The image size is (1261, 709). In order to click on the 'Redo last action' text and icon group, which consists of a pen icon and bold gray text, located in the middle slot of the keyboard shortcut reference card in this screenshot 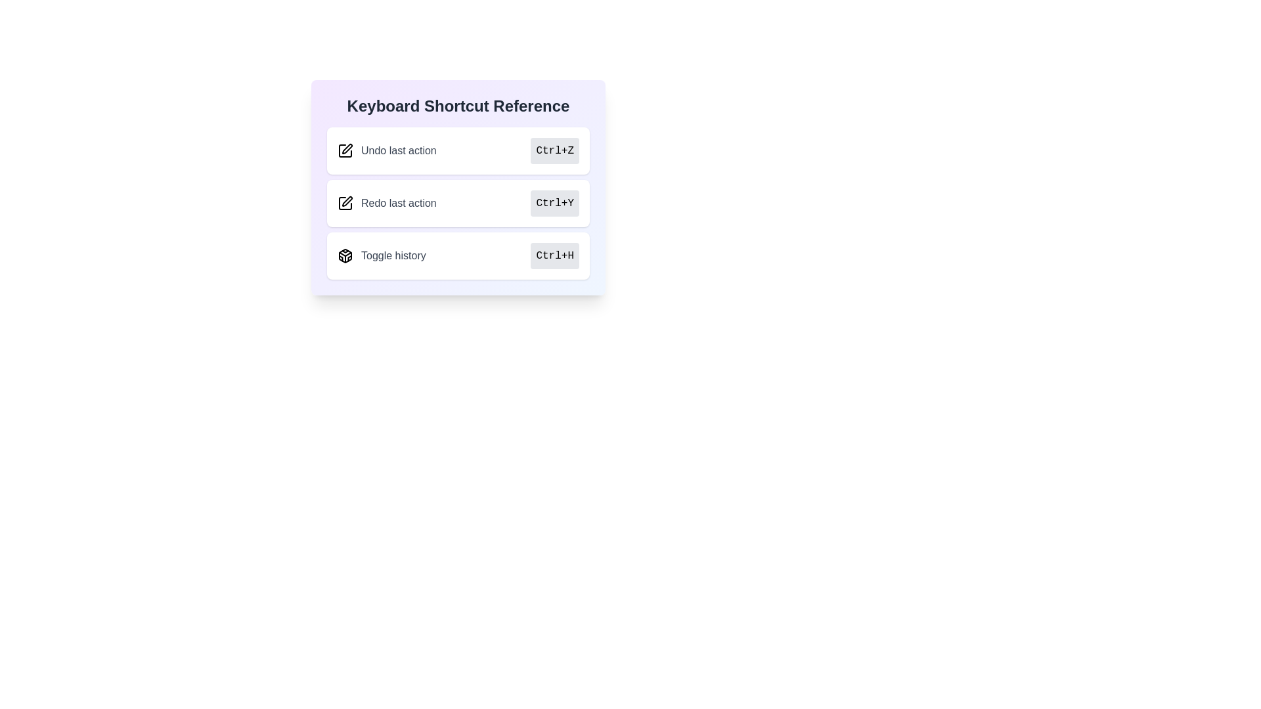, I will do `click(386, 203)`.